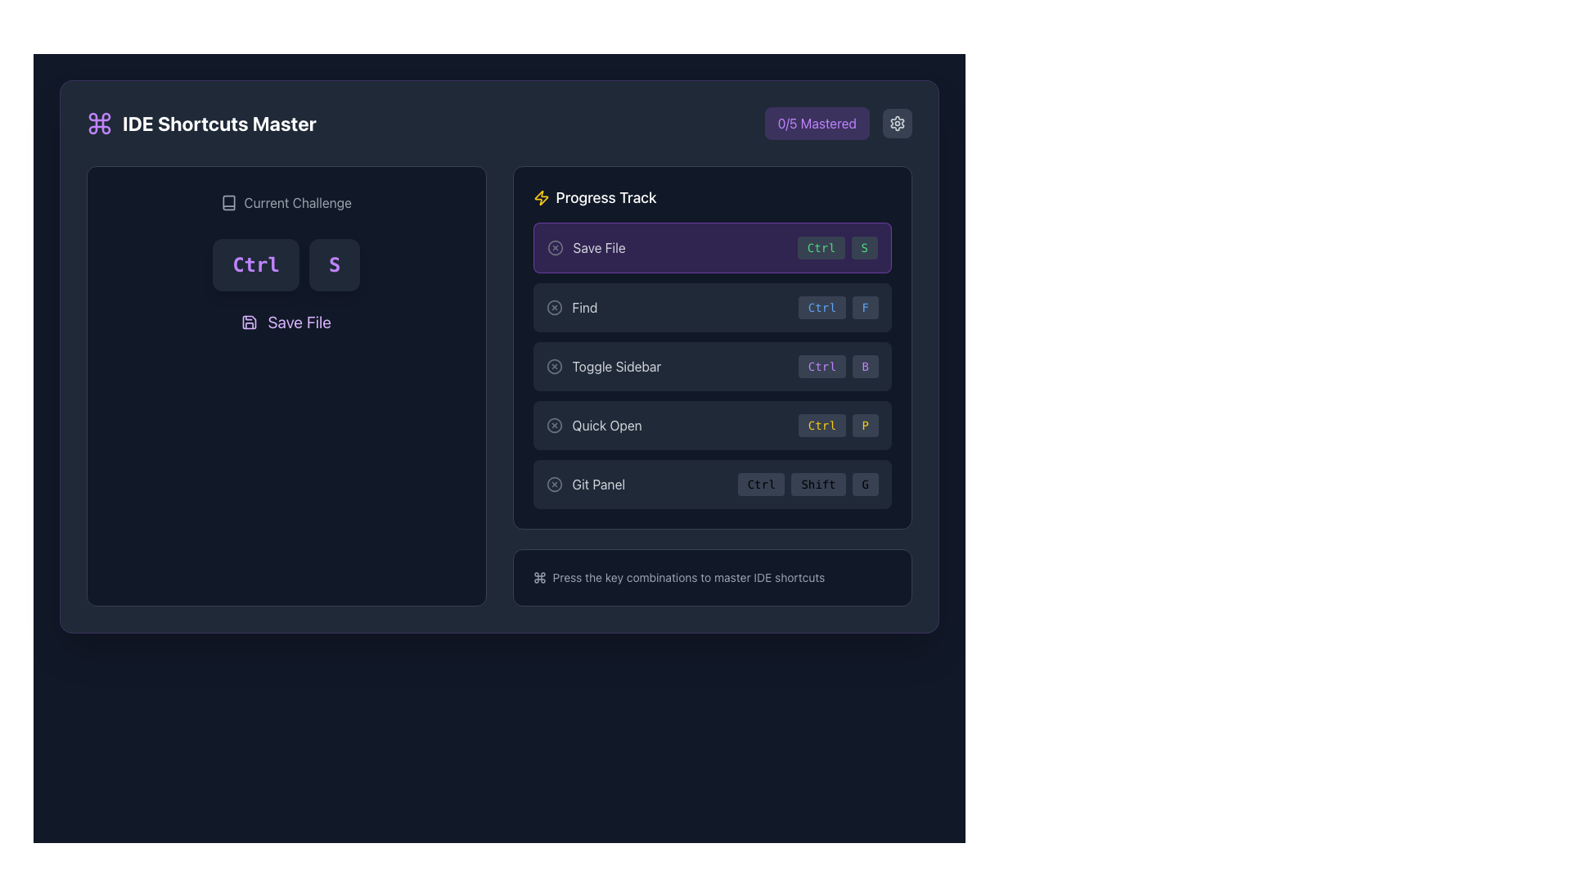 This screenshot has width=1571, height=884. Describe the element at coordinates (299, 322) in the screenshot. I see `the 'Save File' text label that identifies the save action below the 'Ctrl+S' shortcut representation` at that location.